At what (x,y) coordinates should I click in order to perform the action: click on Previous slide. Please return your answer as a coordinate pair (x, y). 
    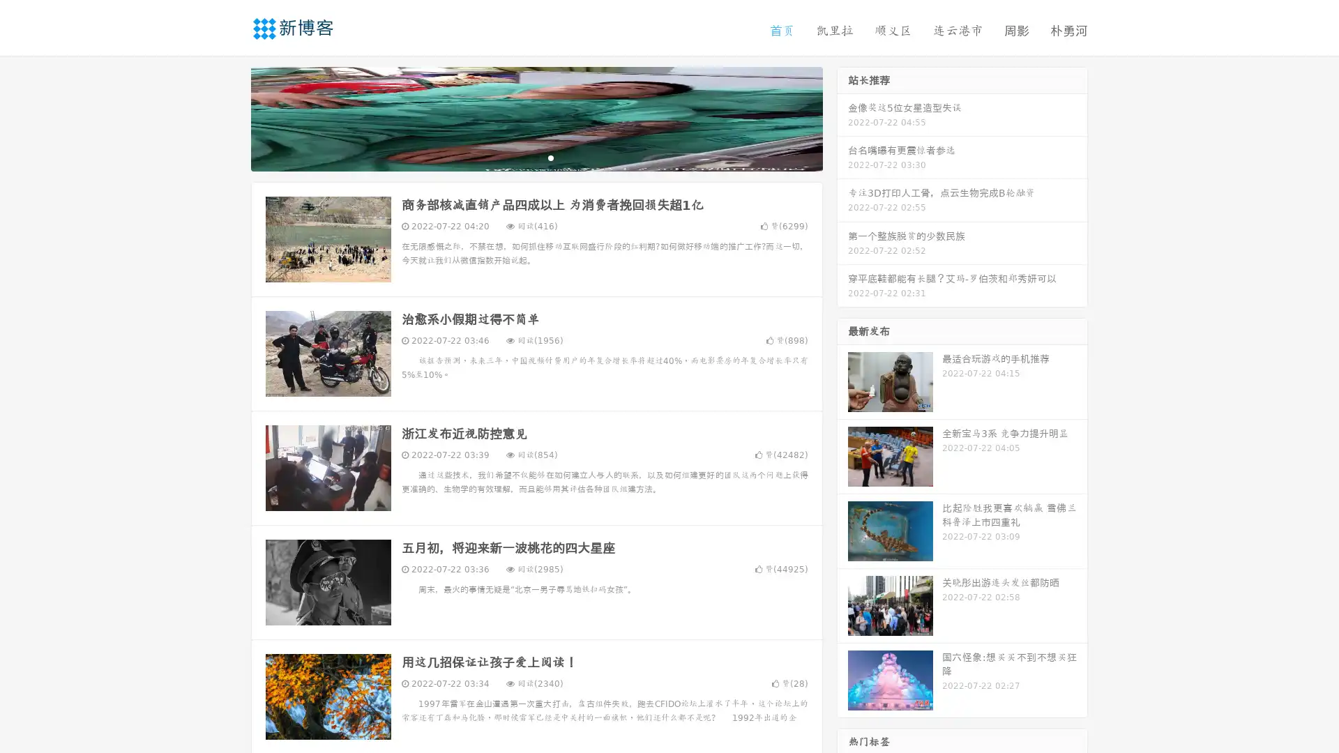
    Looking at the image, I should click on (230, 117).